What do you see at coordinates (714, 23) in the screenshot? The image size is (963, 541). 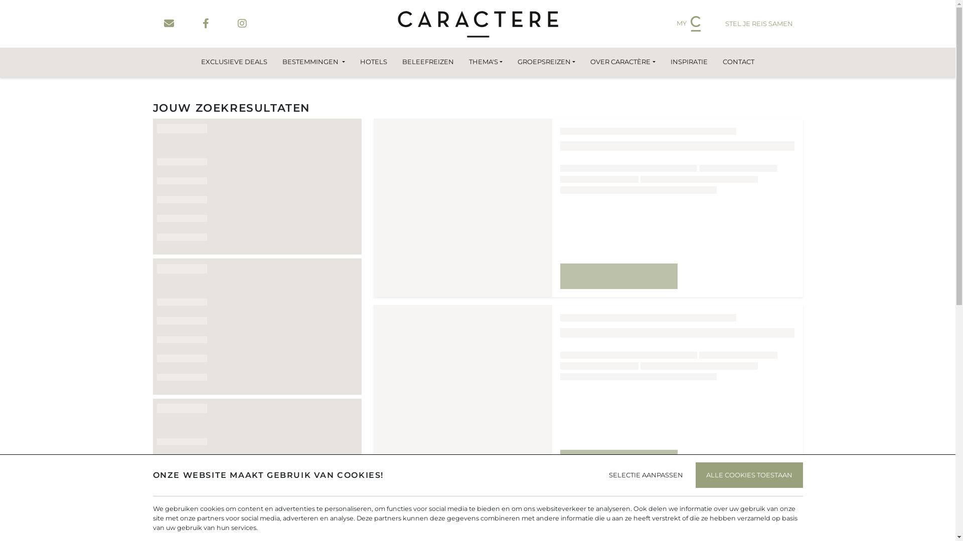 I see `'STEL JE REIS SAMEN'` at bounding box center [714, 23].